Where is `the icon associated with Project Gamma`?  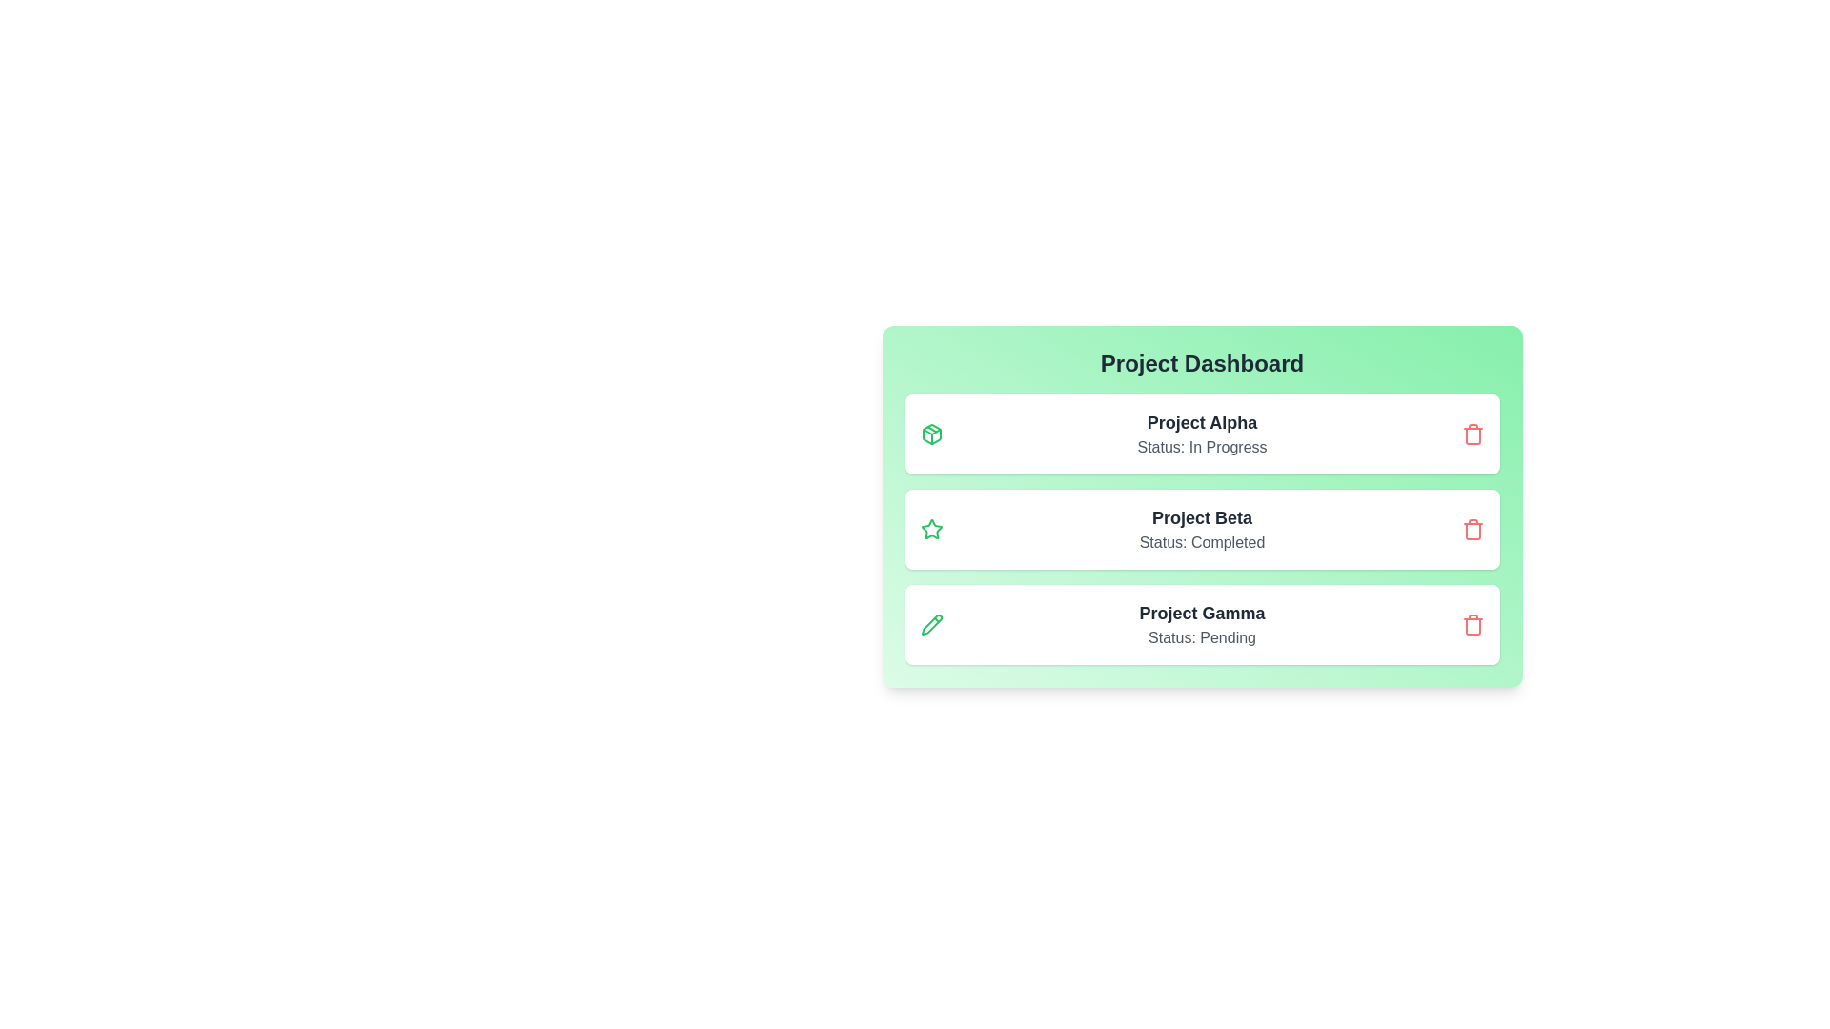
the icon associated with Project Gamma is located at coordinates (931, 624).